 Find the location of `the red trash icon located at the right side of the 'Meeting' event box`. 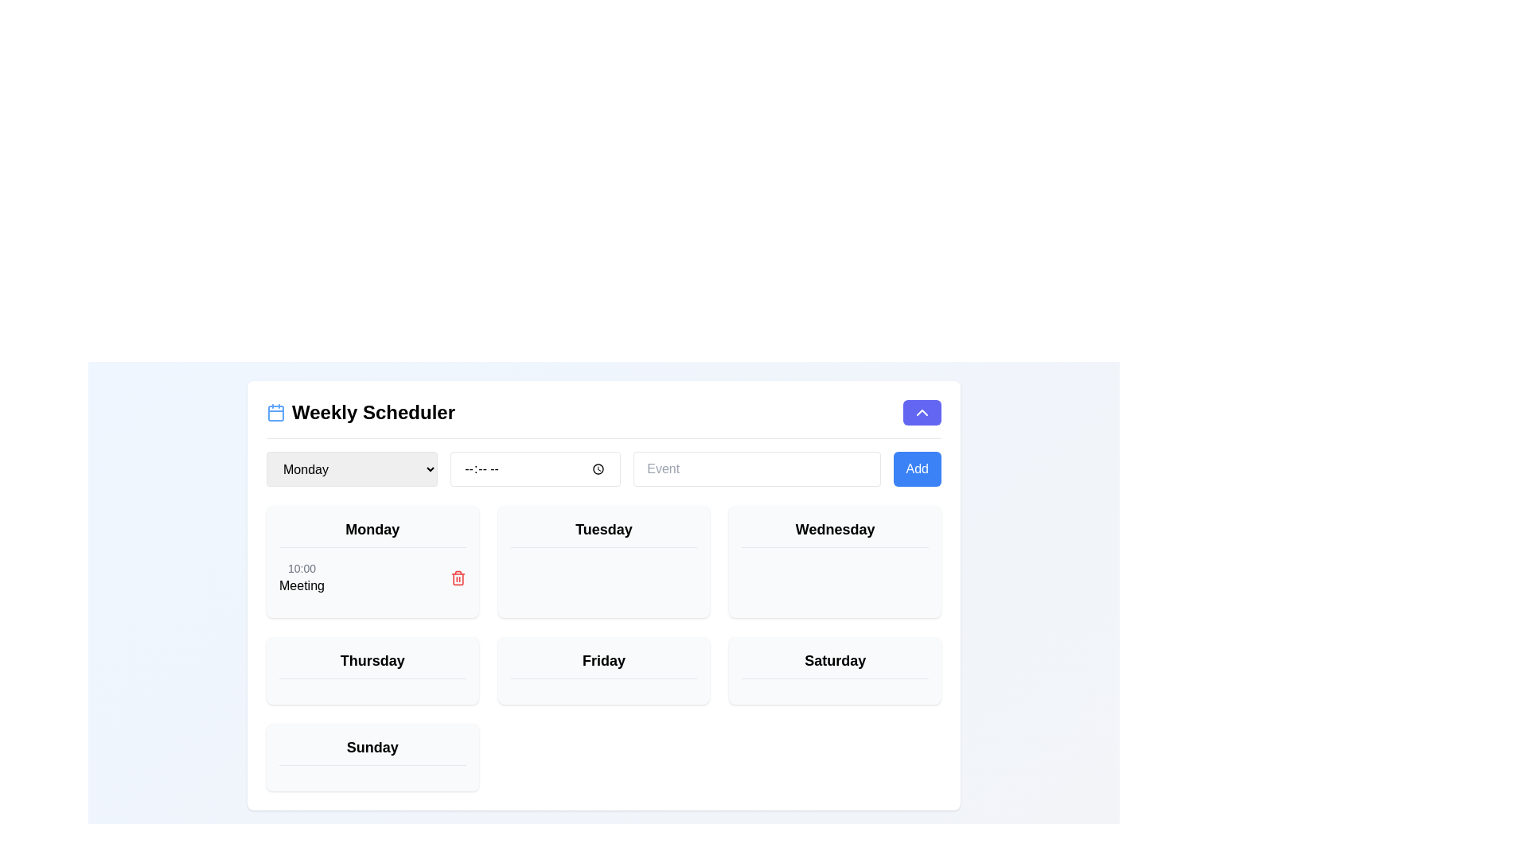

the red trash icon located at the right side of the 'Meeting' event box is located at coordinates (457, 577).